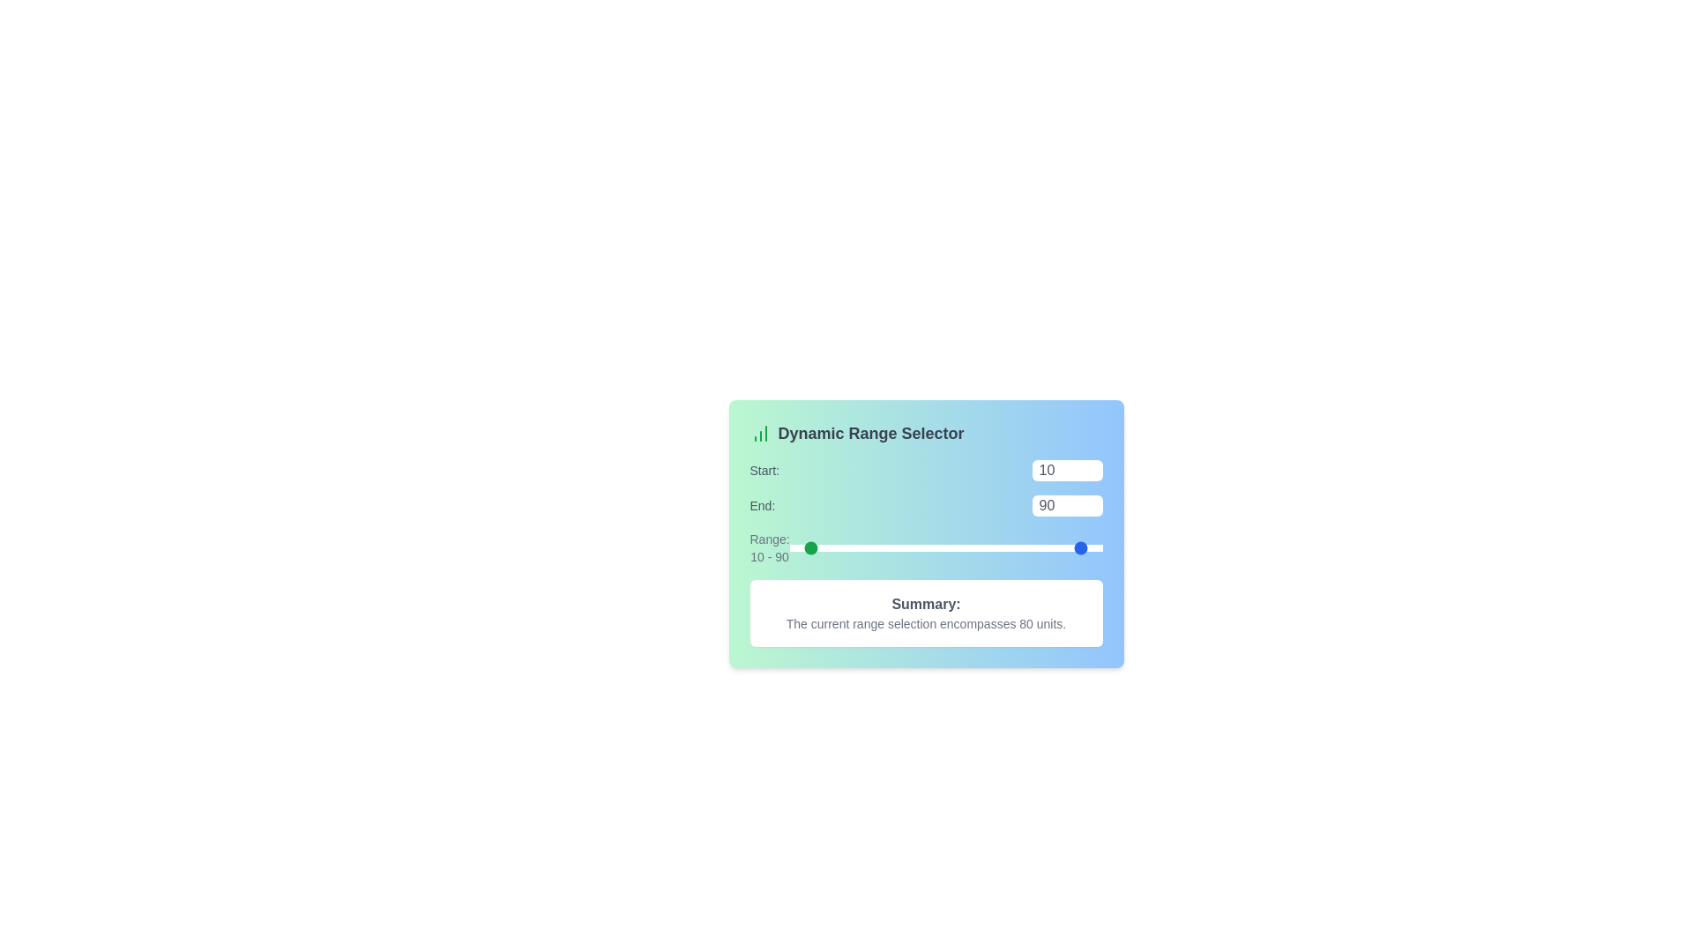 The width and height of the screenshot is (1693, 952). What do you see at coordinates (1066, 506) in the screenshot?
I see `the 'End' range value to 36 using the input box` at bounding box center [1066, 506].